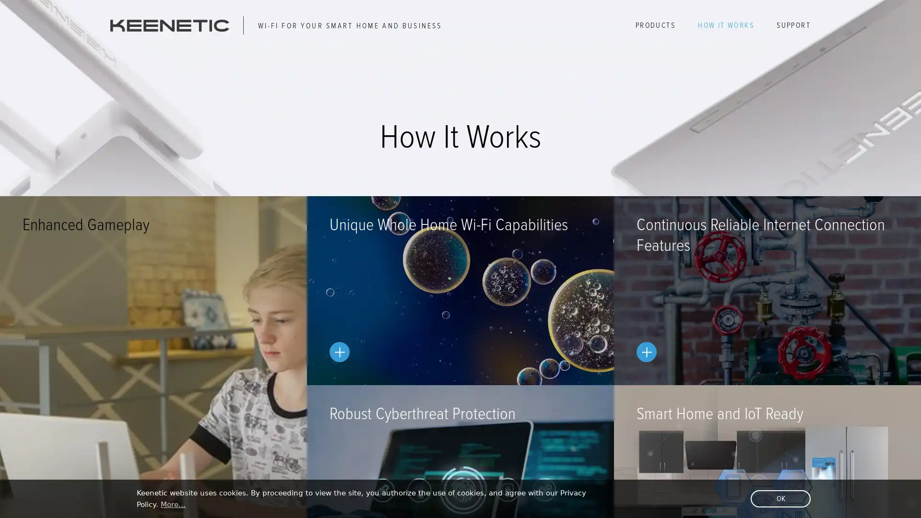 The image size is (921, 518). I want to click on learn more about cookies, so click(173, 504).